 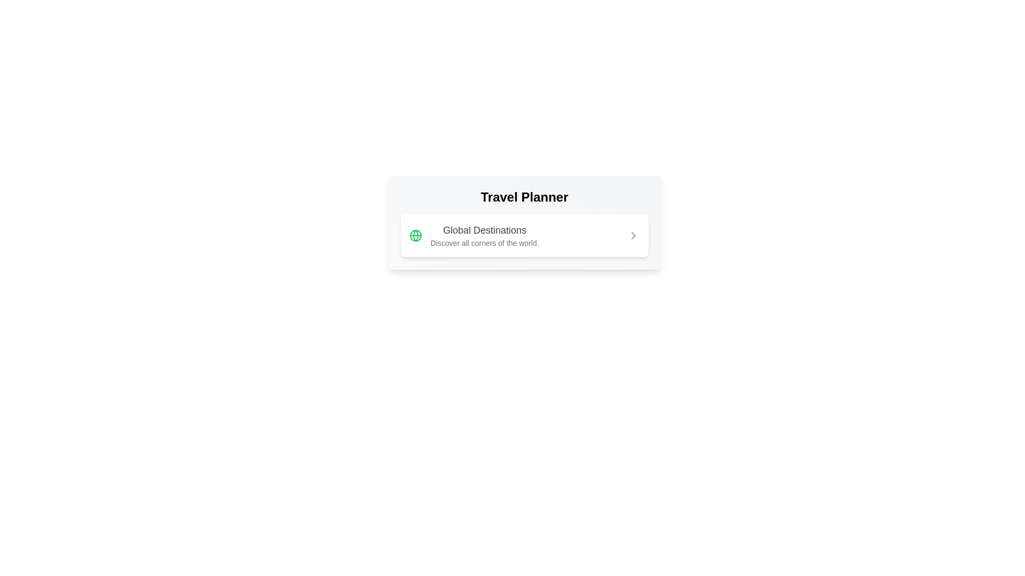 I want to click on the descriptive text label providing context for 'Global Destinations' located directly below the title and slightly to the right of the globe icon, so click(x=484, y=243).